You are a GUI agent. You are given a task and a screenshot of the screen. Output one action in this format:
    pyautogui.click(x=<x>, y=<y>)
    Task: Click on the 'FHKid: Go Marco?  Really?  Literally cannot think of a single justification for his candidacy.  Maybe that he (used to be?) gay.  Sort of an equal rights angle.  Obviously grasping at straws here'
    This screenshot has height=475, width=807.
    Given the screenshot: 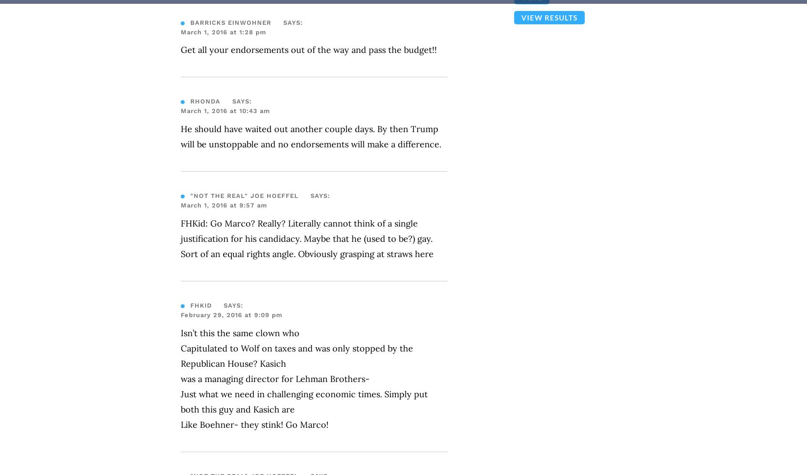 What is the action you would take?
    pyautogui.click(x=307, y=238)
    